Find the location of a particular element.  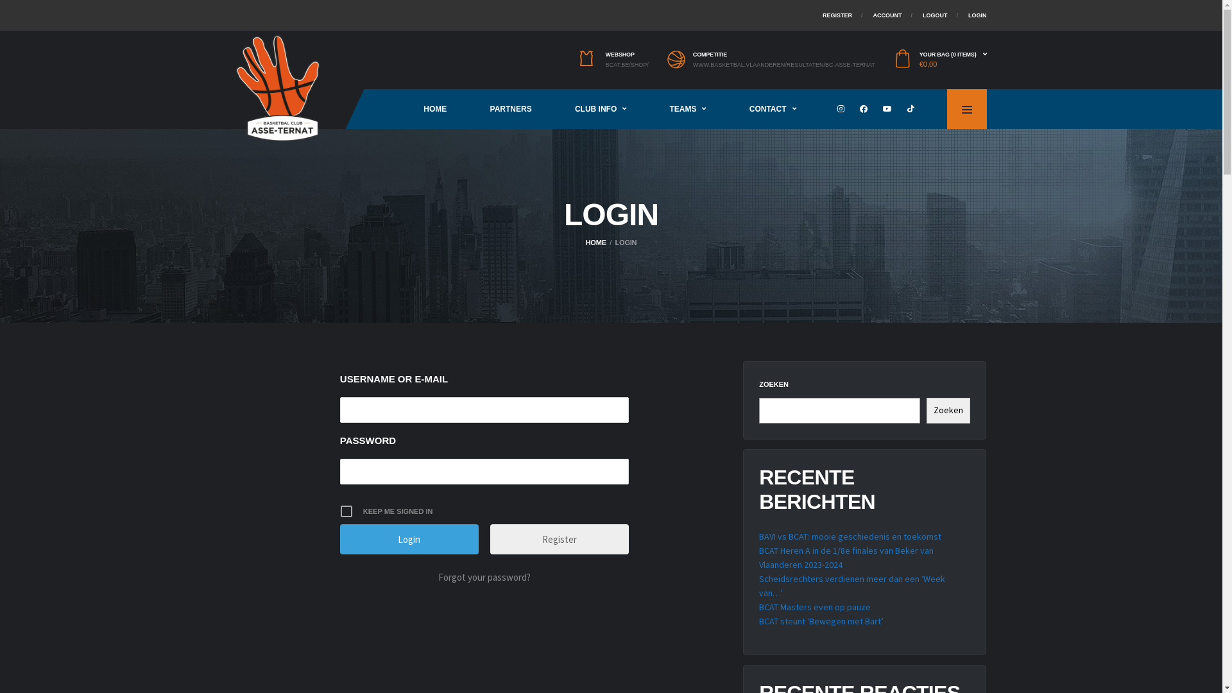

'LOGOUT' is located at coordinates (935, 15).